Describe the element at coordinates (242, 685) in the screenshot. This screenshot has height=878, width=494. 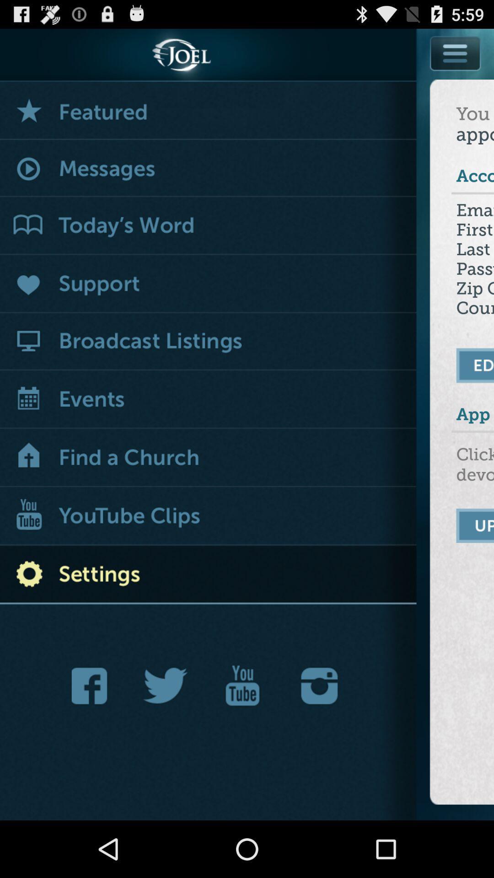
I see `and share joel related videos` at that location.